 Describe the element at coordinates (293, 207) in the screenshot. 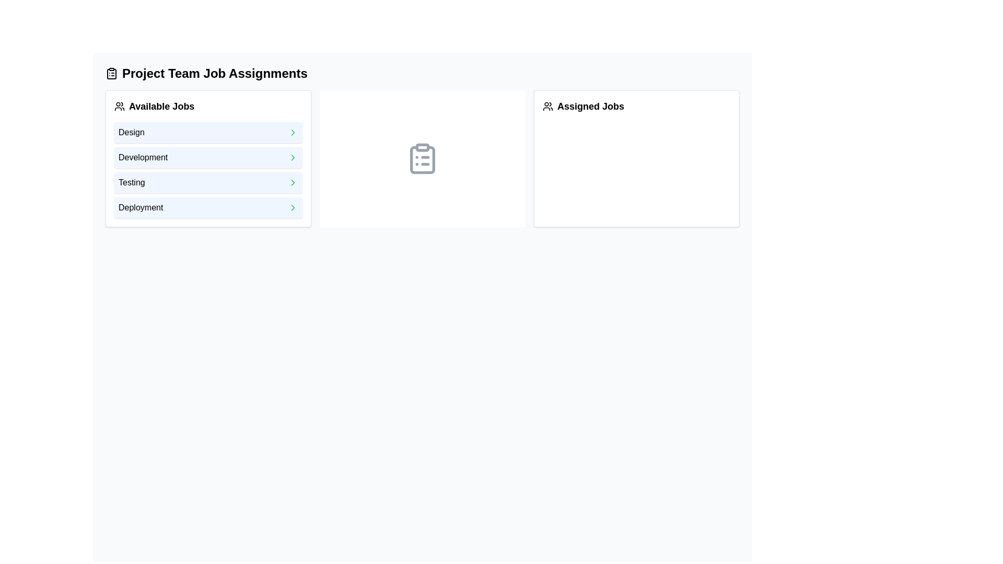

I see `the small right-pointing arrow icon located in the 'Available Jobs' section, to the right of the 'Deployment' text, which is the fourth icon in a vertical list` at that location.